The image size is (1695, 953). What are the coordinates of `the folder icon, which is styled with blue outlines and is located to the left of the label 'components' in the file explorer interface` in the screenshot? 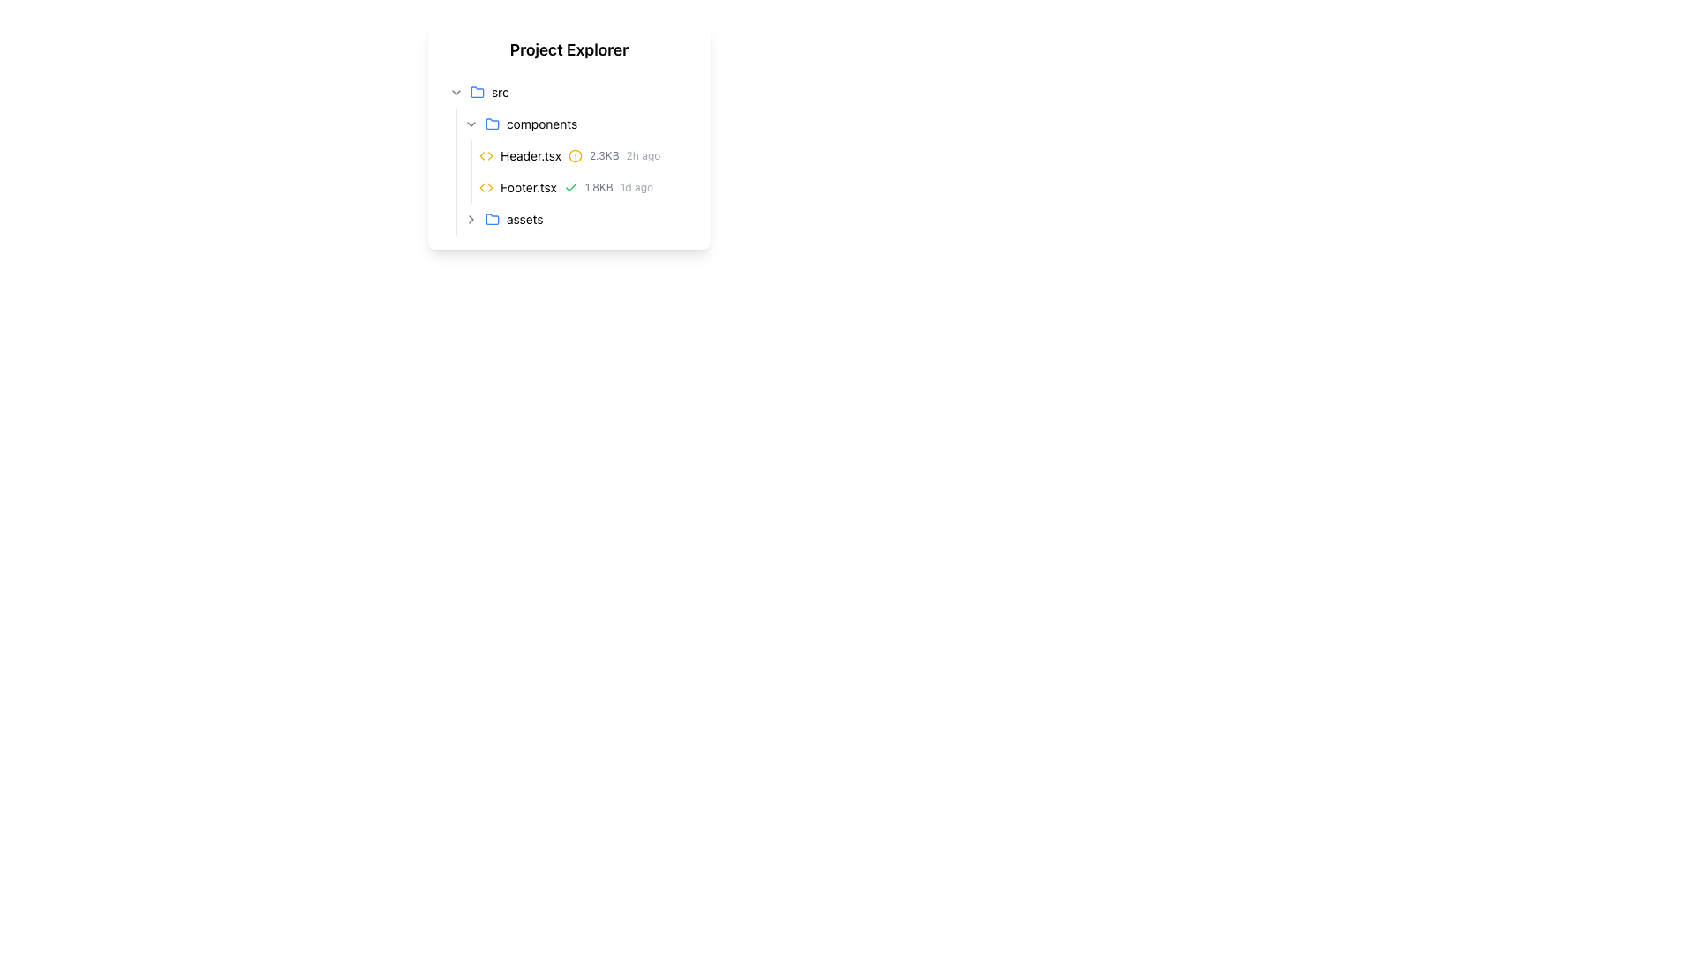 It's located at (492, 124).